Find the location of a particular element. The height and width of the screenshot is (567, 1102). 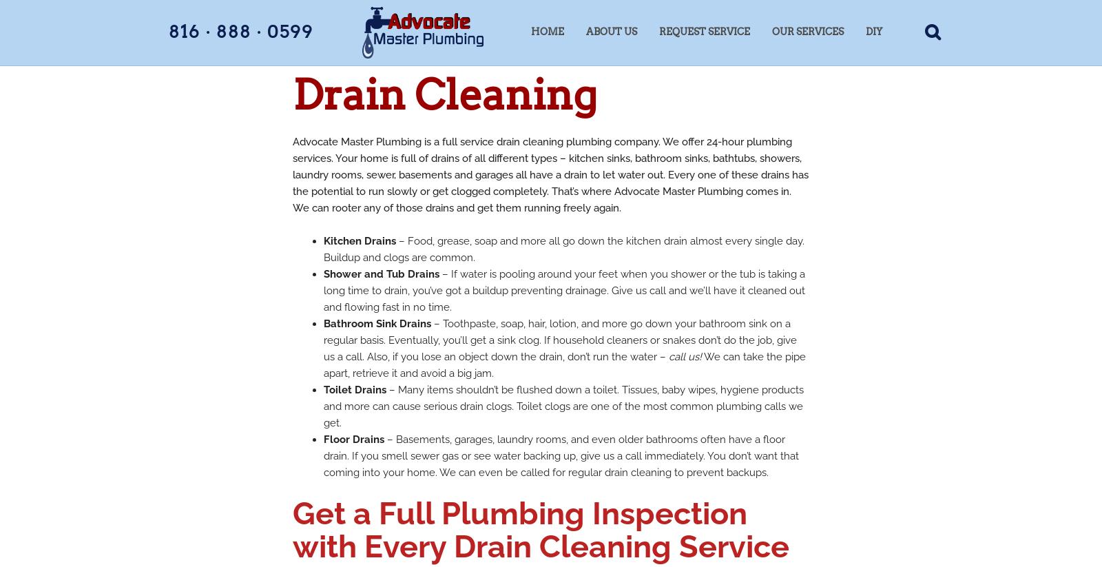

'About Us' is located at coordinates (611, 32).